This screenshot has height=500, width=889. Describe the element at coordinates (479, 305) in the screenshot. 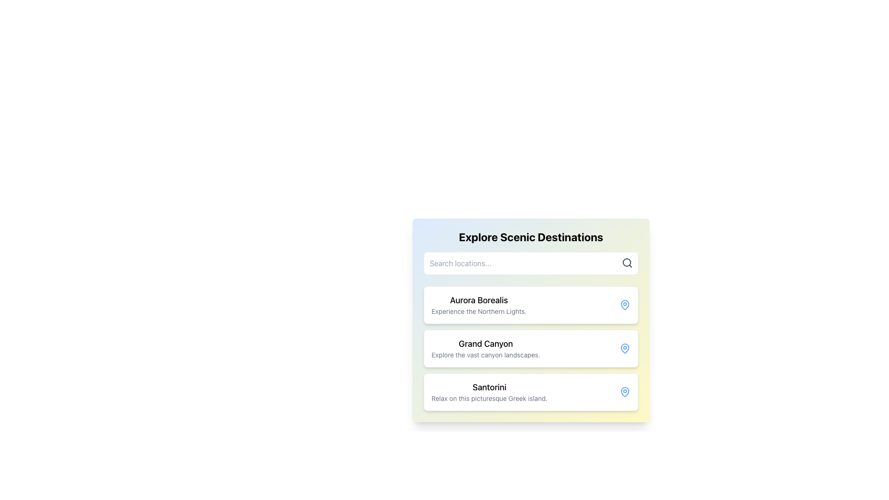

I see `text from the descriptive label located in the first card of the vertical list of scenic destinations beneath the search bar` at that location.